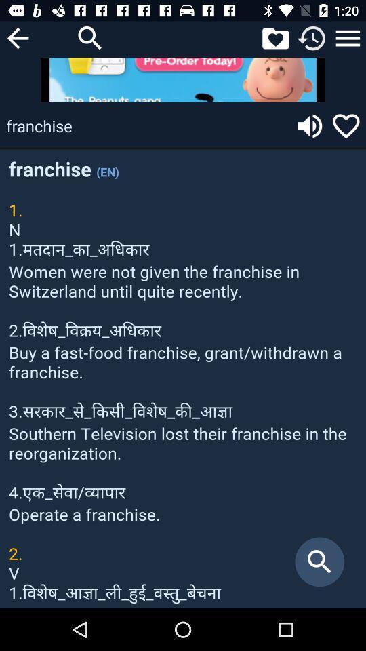  What do you see at coordinates (312, 37) in the screenshot?
I see `alaram set option` at bounding box center [312, 37].